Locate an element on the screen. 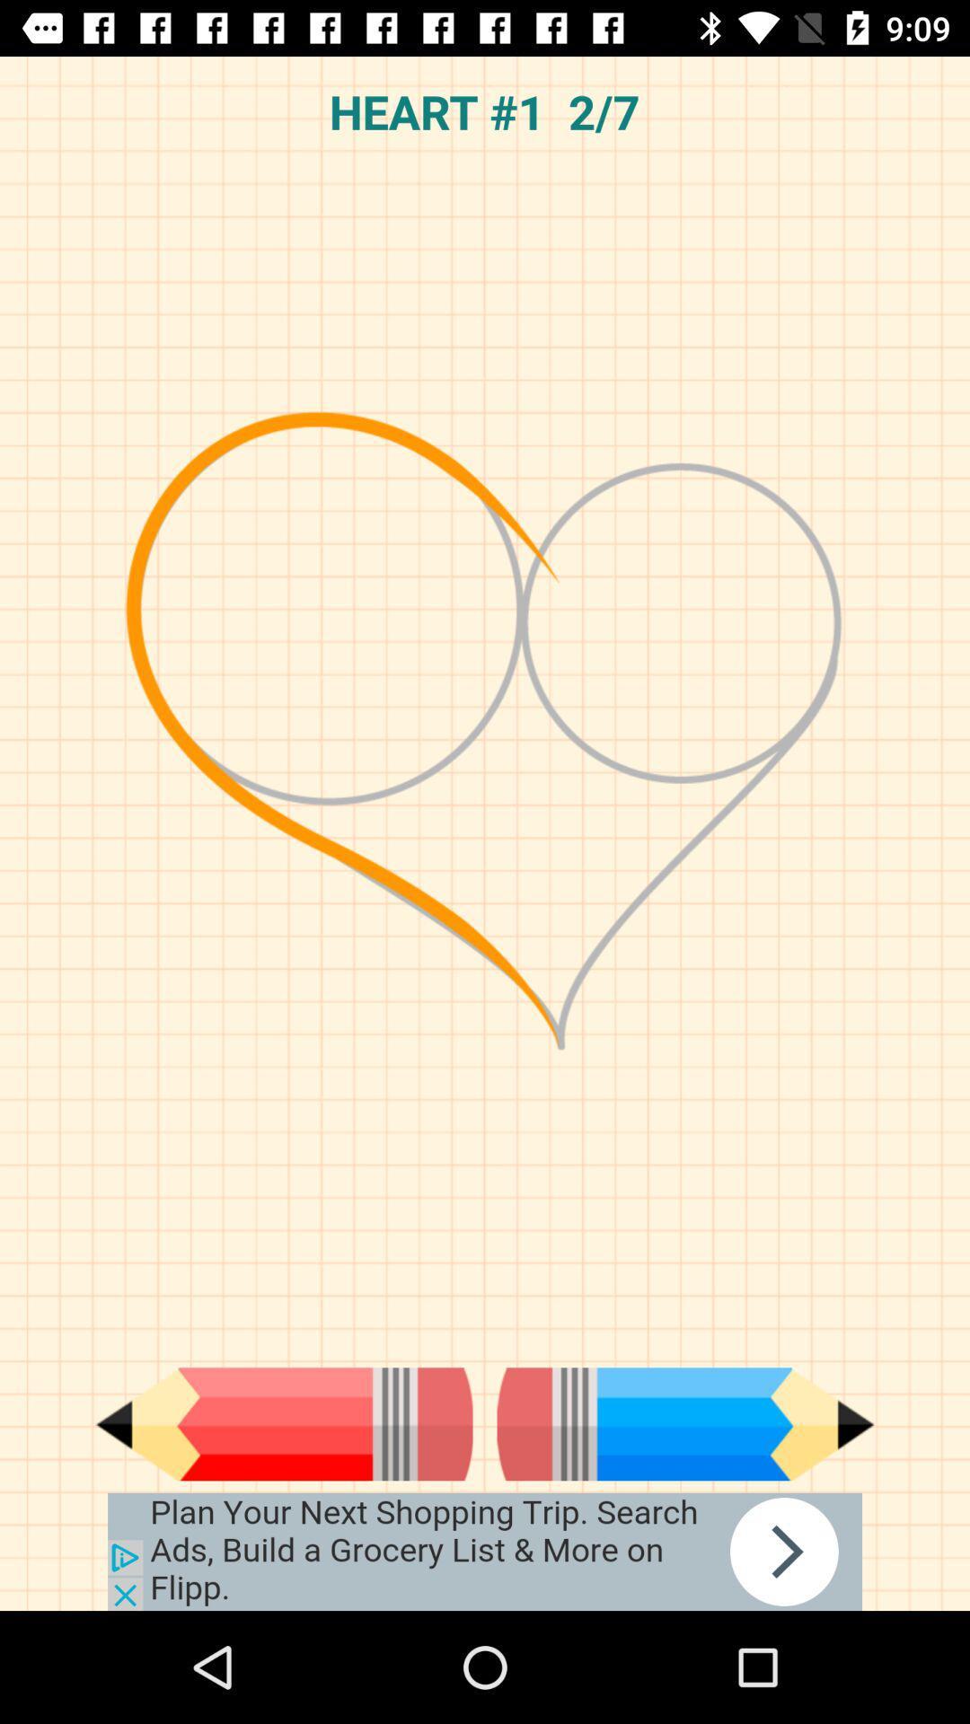 This screenshot has width=970, height=1724. google advertisements is located at coordinates (485, 1551).